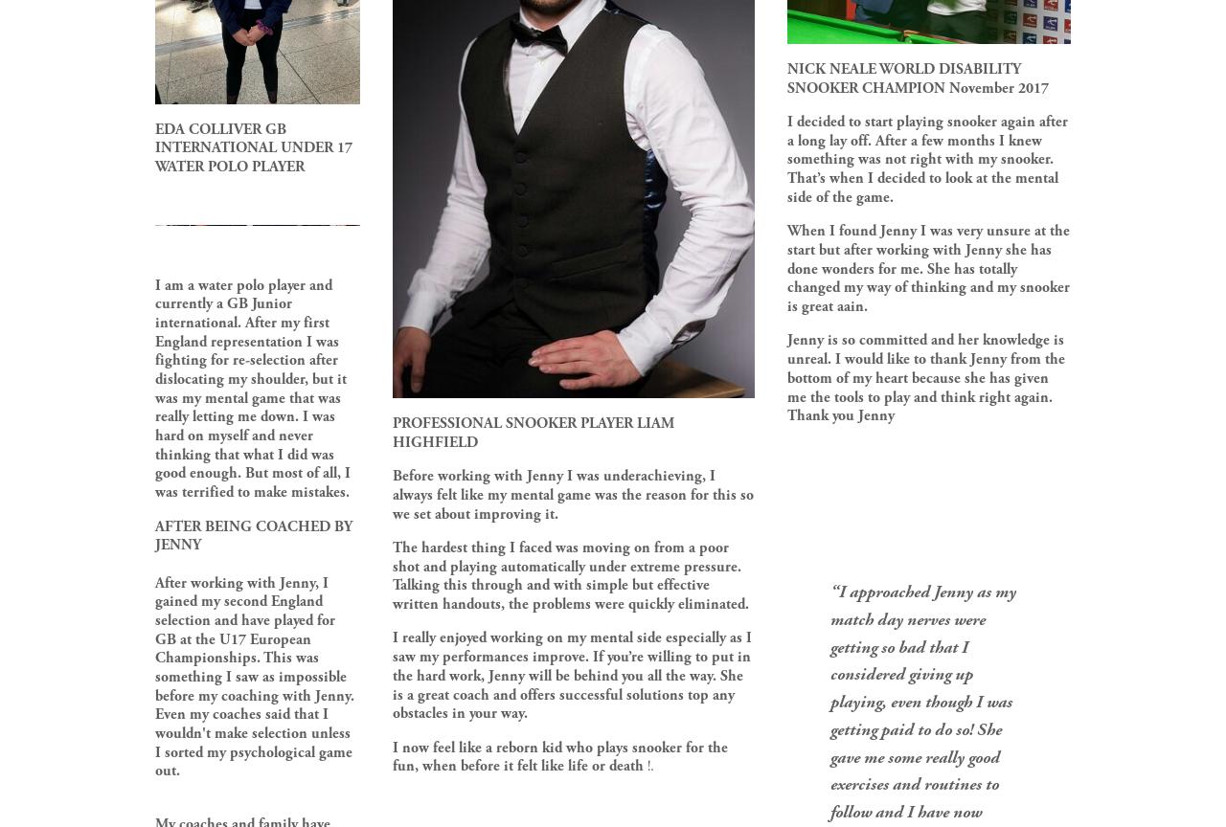 This screenshot has height=827, width=1226. Describe the element at coordinates (559, 755) in the screenshot. I see `'I now feel like a reborn kid who plays snooker for the fun, when before it felt like life or death'` at that location.